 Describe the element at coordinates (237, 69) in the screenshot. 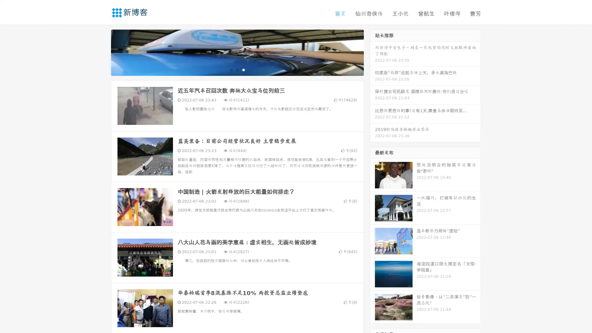

I see `Go to slide 2` at that location.